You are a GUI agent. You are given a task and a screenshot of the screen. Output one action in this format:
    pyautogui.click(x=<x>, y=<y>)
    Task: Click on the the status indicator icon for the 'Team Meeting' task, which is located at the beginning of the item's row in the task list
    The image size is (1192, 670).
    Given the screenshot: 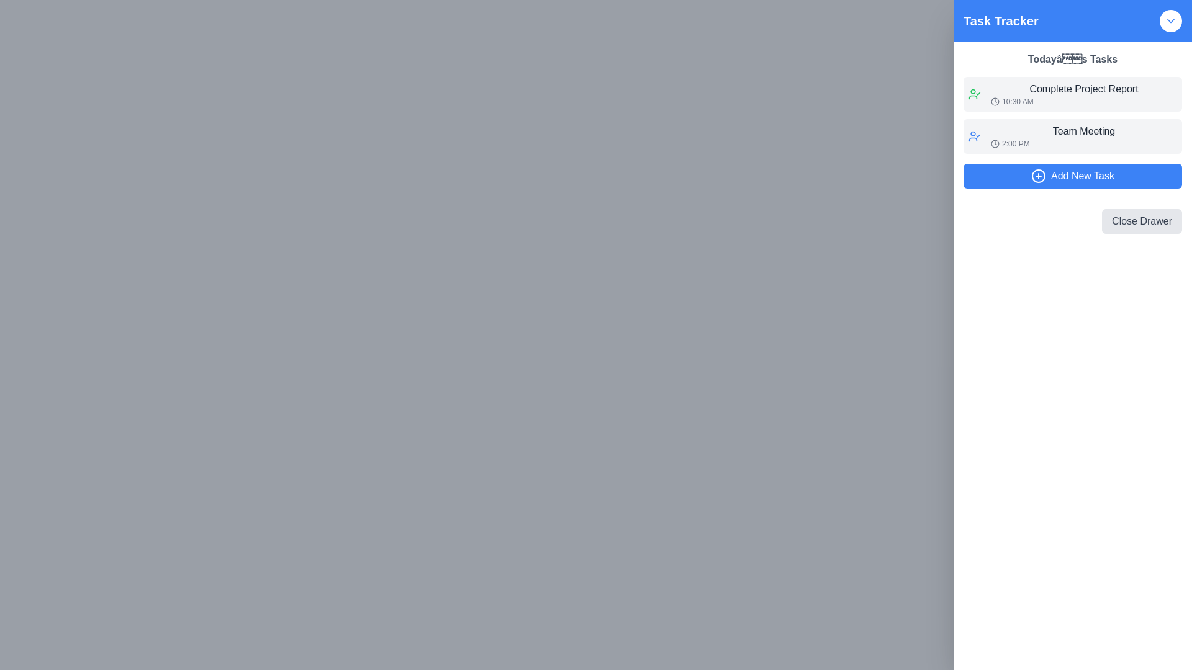 What is the action you would take?
    pyautogui.click(x=973, y=136)
    